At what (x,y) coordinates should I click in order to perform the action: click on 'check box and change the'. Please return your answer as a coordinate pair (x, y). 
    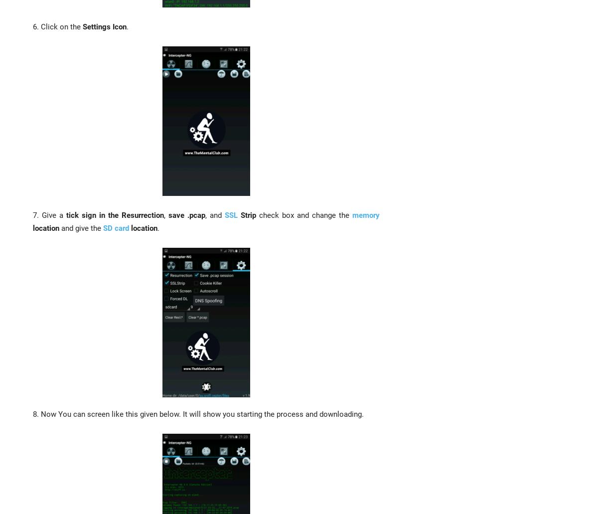
    Looking at the image, I should click on (304, 214).